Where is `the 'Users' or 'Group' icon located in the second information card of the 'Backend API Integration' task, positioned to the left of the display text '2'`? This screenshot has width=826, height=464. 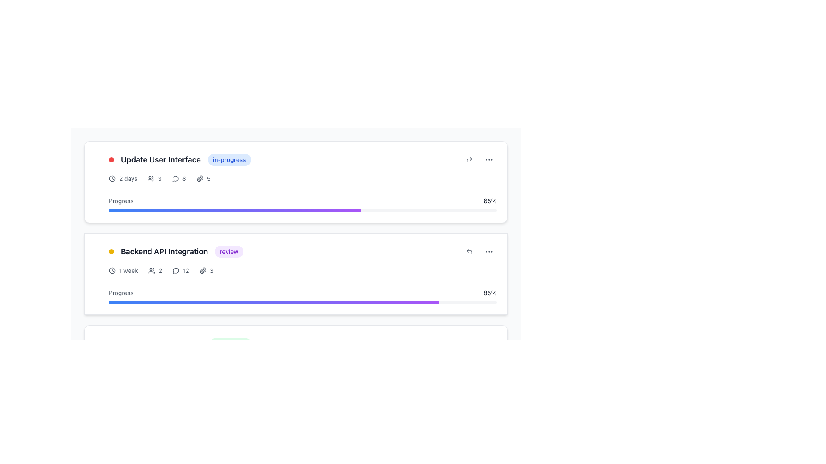 the 'Users' or 'Group' icon located in the second information card of the 'Backend API Integration' task, positioned to the left of the display text '2' is located at coordinates (151, 270).